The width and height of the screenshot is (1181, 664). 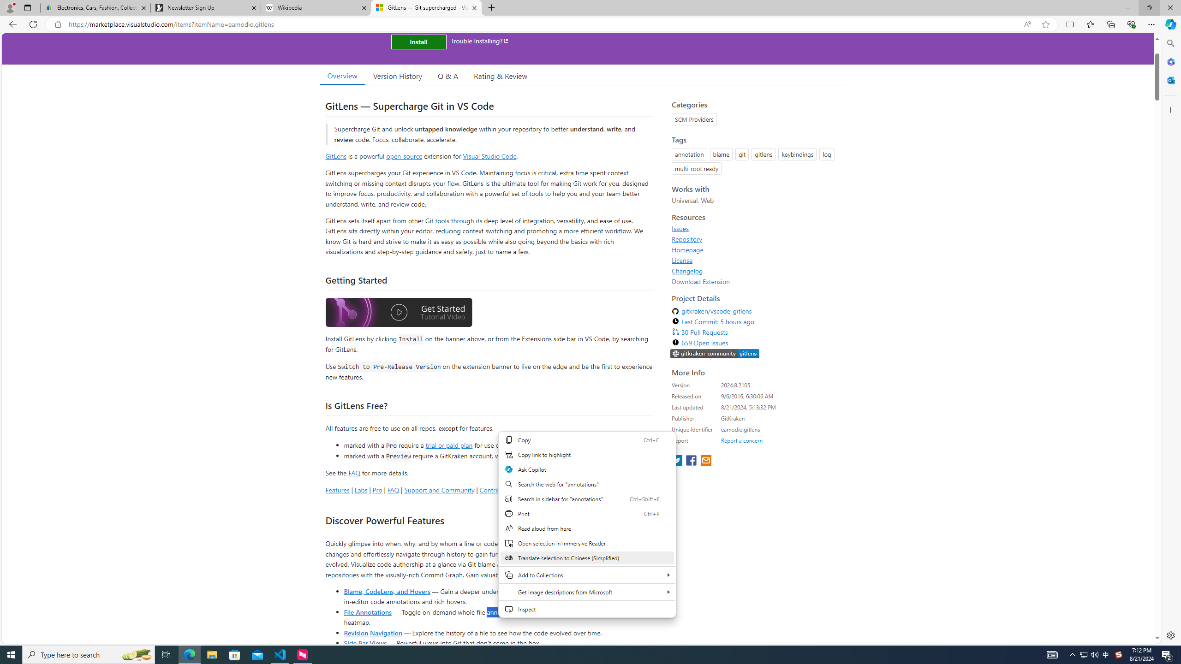 What do you see at coordinates (498, 489) in the screenshot?
I see `'Contributing'` at bounding box center [498, 489].